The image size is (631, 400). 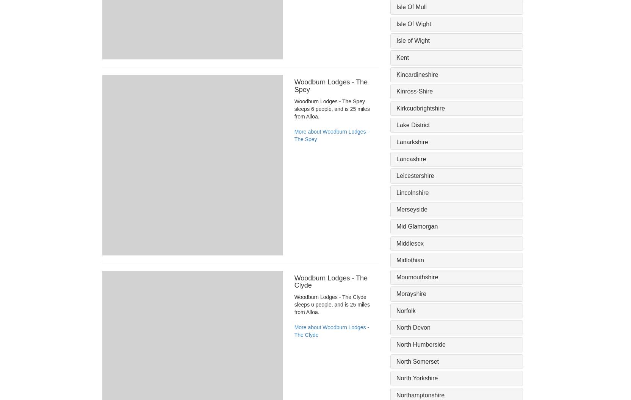 What do you see at coordinates (417, 276) in the screenshot?
I see `'Monmouthshire'` at bounding box center [417, 276].